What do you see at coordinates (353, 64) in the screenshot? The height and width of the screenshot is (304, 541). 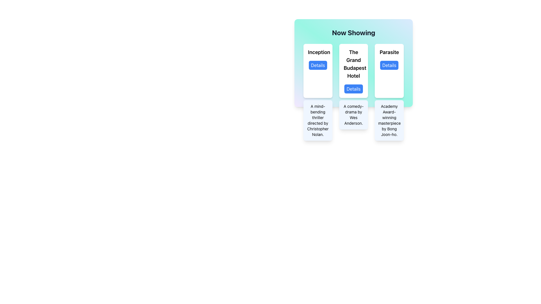 I see `the text label displaying 'The Grand Budapest Hotel', which is centrally aligned and positioned above the 'Details' button in the 'Now Showing' section` at bounding box center [353, 64].